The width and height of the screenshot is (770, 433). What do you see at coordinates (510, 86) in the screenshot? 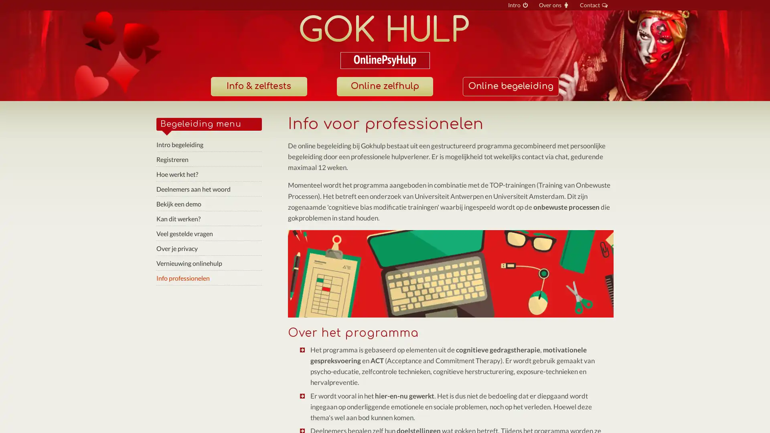
I see `Online begeleiding` at bounding box center [510, 86].